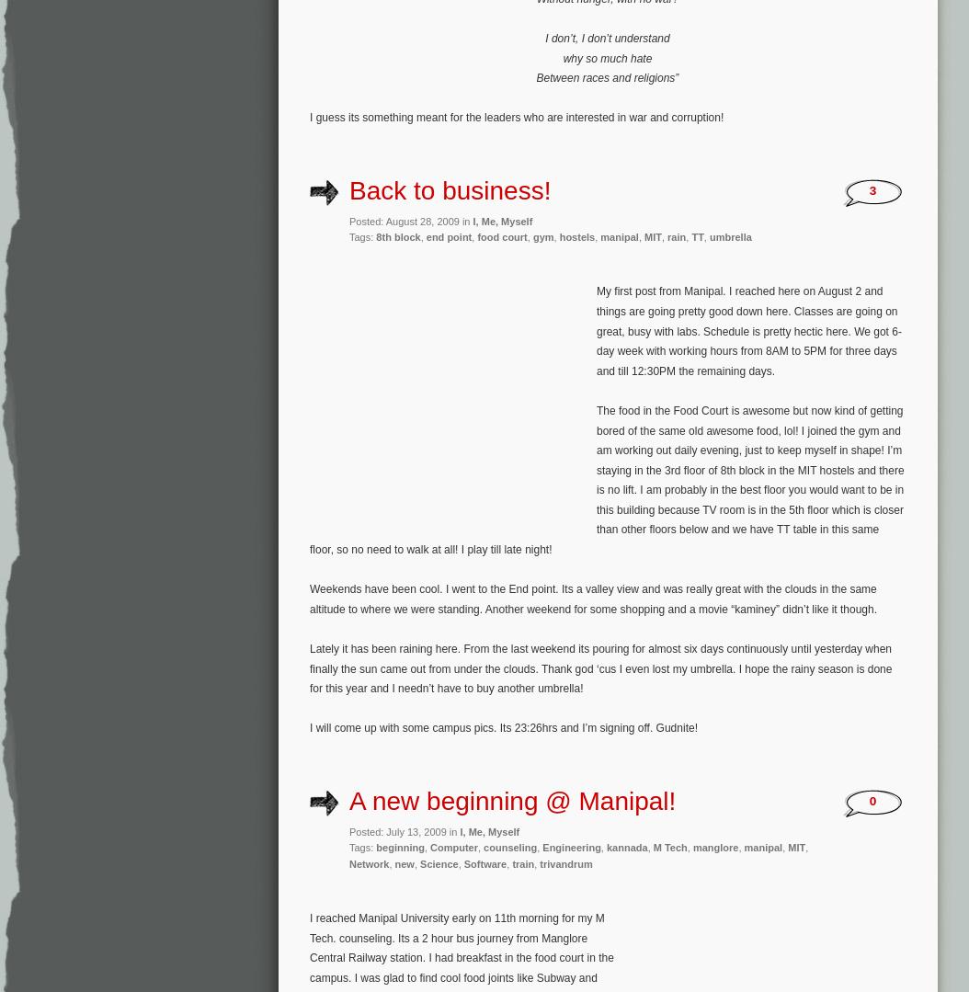  Describe the element at coordinates (607, 78) in the screenshot. I see `'Between races and religions”'` at that location.